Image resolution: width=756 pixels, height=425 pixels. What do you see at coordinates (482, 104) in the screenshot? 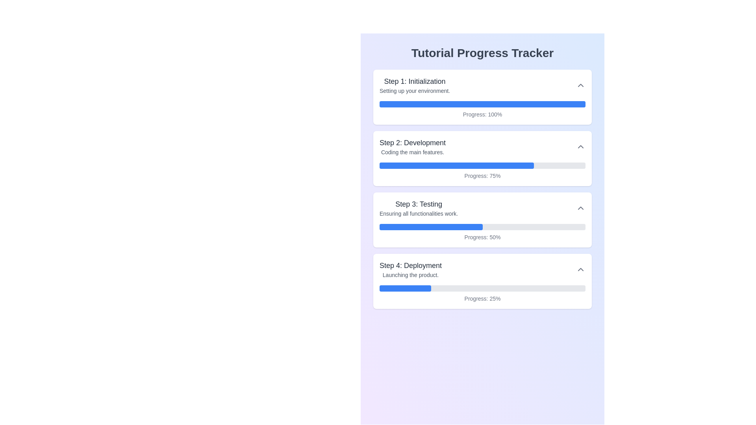
I see `the first progress bar in the 'Step 1: Initialization' card that indicates a completion of 100%` at bounding box center [482, 104].